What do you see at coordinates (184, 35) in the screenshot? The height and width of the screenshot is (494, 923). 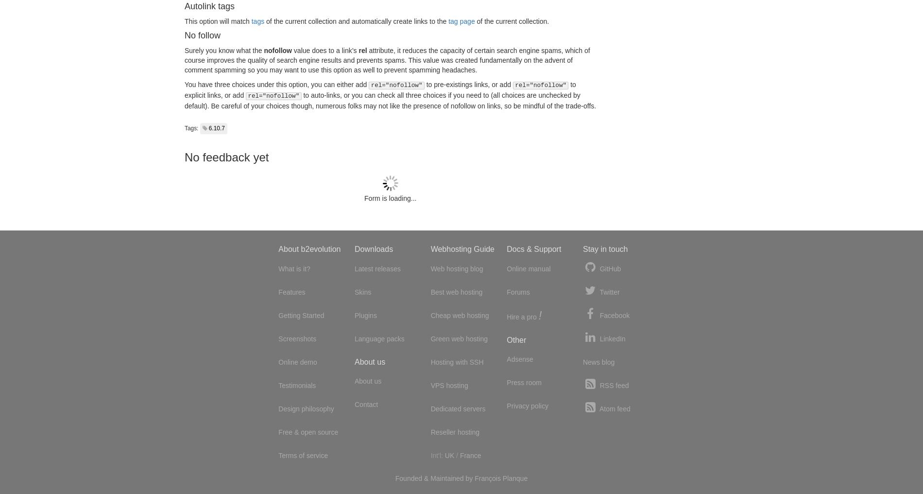 I see `'No follow'` at bounding box center [184, 35].